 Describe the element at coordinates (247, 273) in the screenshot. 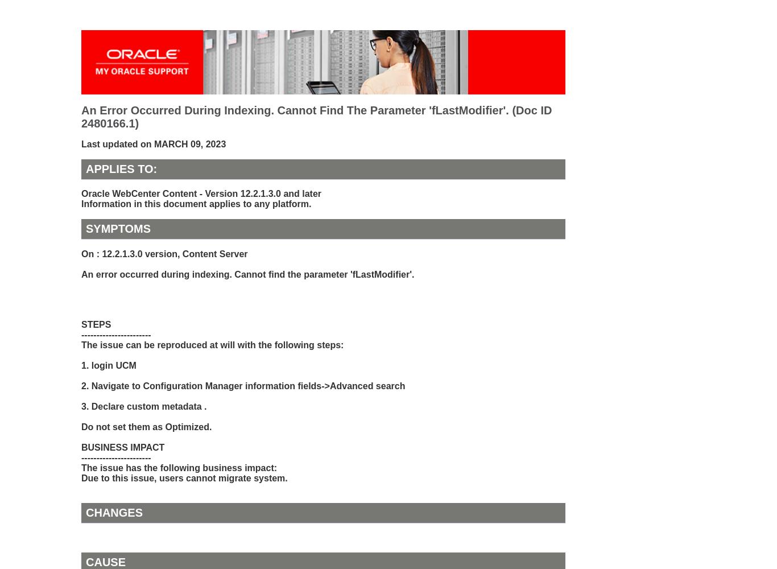

I see `'An error occurred during indexing. Cannot find the parameter 'fLastModifier'.'` at that location.